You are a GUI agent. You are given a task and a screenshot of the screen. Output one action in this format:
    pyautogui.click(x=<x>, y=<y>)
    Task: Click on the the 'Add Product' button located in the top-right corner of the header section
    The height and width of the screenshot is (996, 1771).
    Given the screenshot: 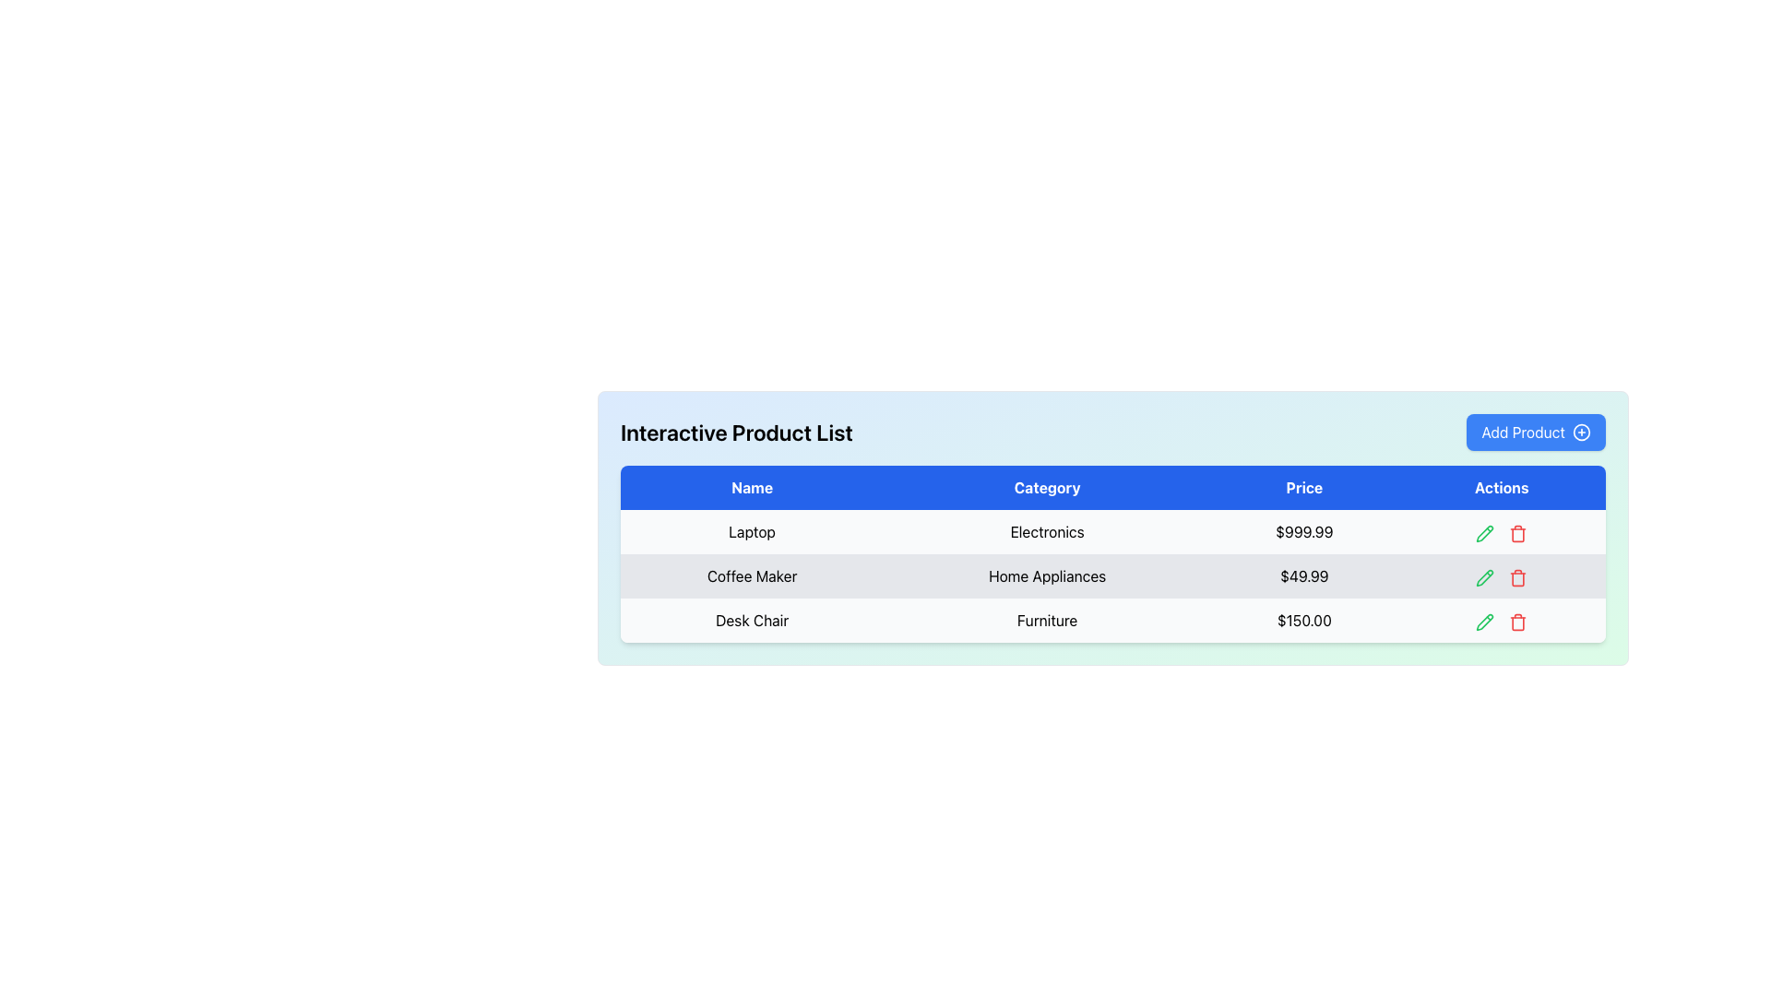 What is the action you would take?
    pyautogui.click(x=1536, y=433)
    